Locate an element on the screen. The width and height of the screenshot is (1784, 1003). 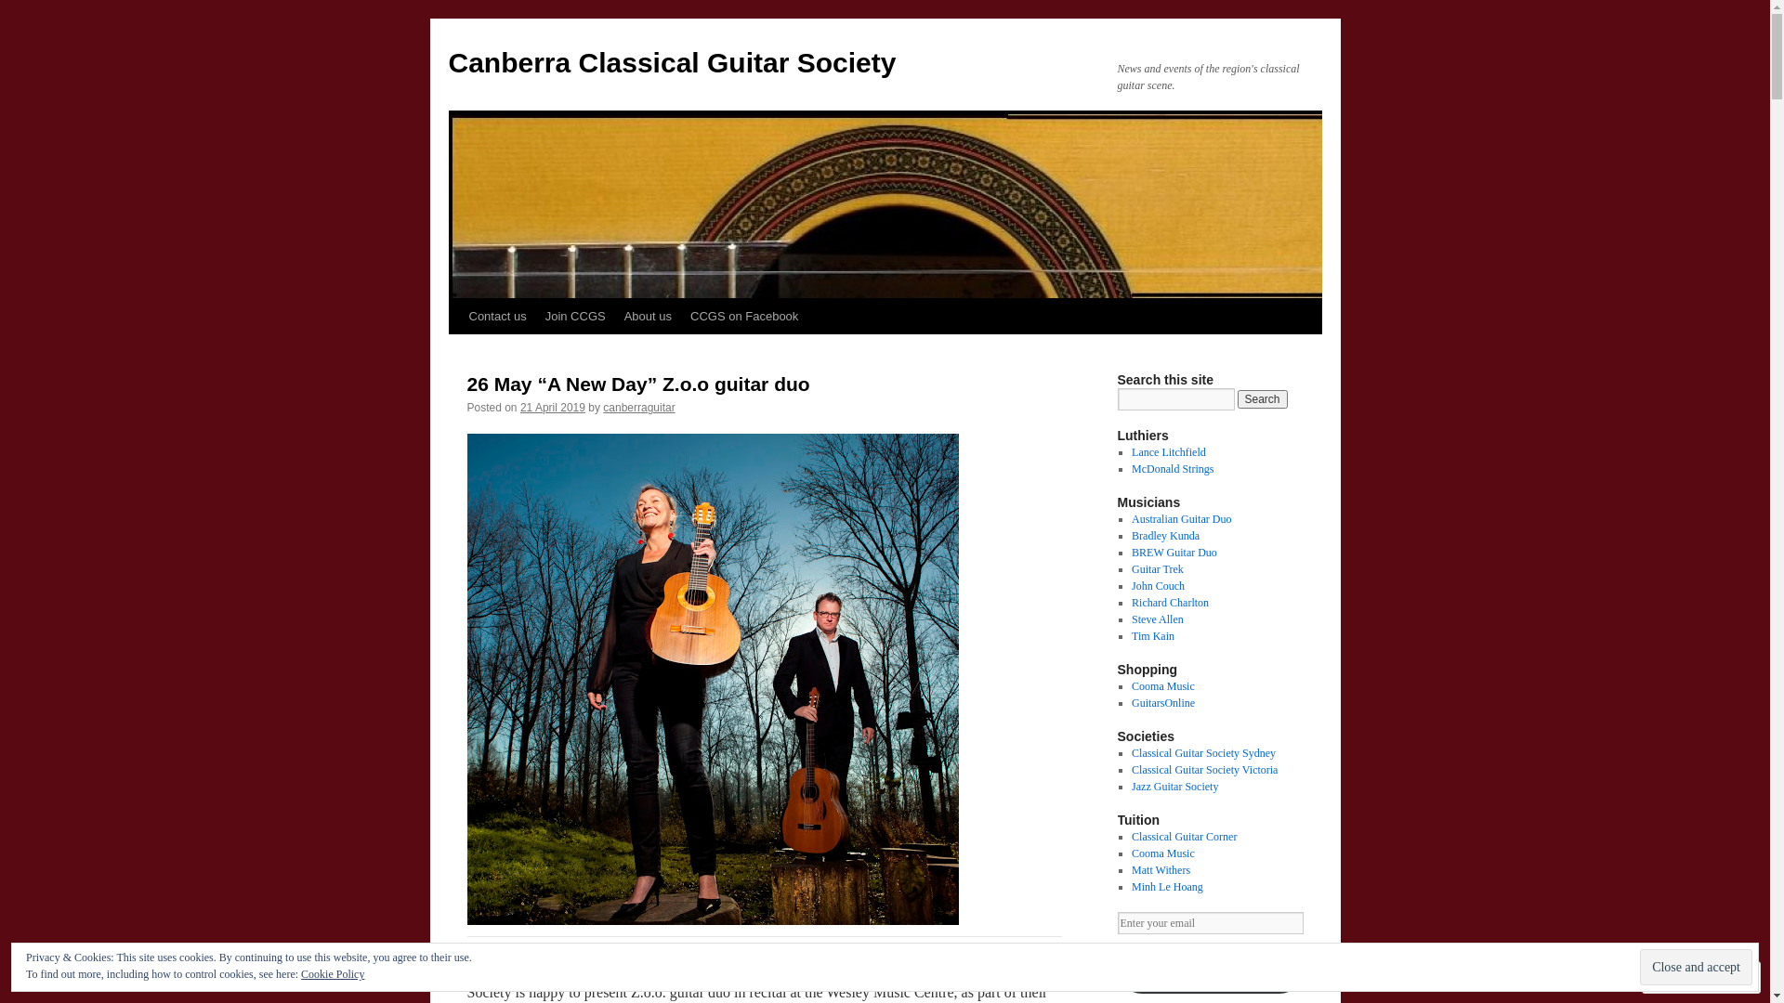
'21 April 2019' is located at coordinates (520, 407).